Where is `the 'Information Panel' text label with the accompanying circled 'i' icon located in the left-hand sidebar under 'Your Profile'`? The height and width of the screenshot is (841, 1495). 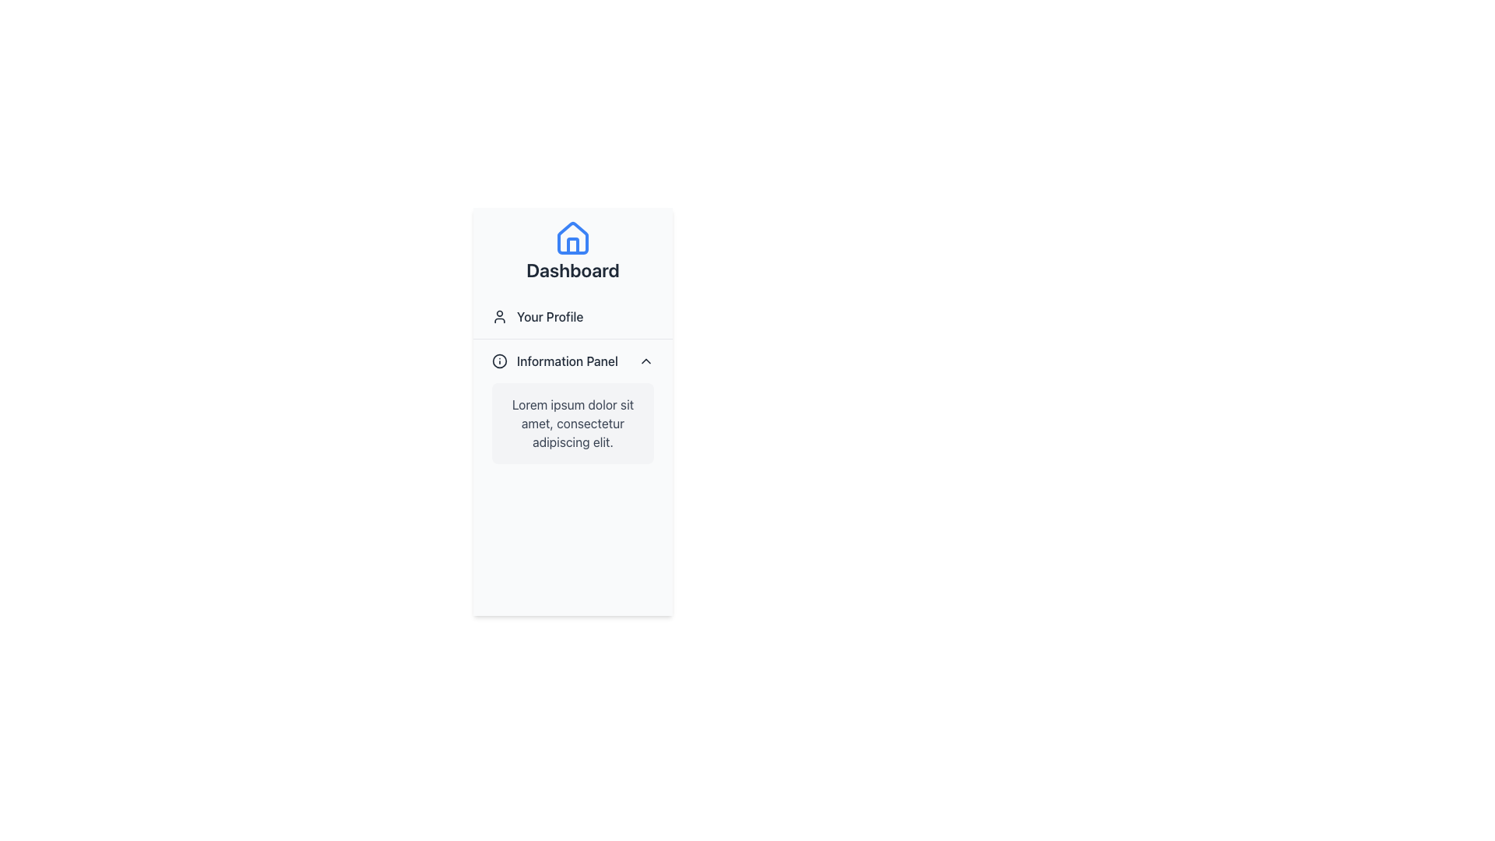
the 'Information Panel' text label with the accompanying circled 'i' icon located in the left-hand sidebar under 'Your Profile' is located at coordinates (554, 361).